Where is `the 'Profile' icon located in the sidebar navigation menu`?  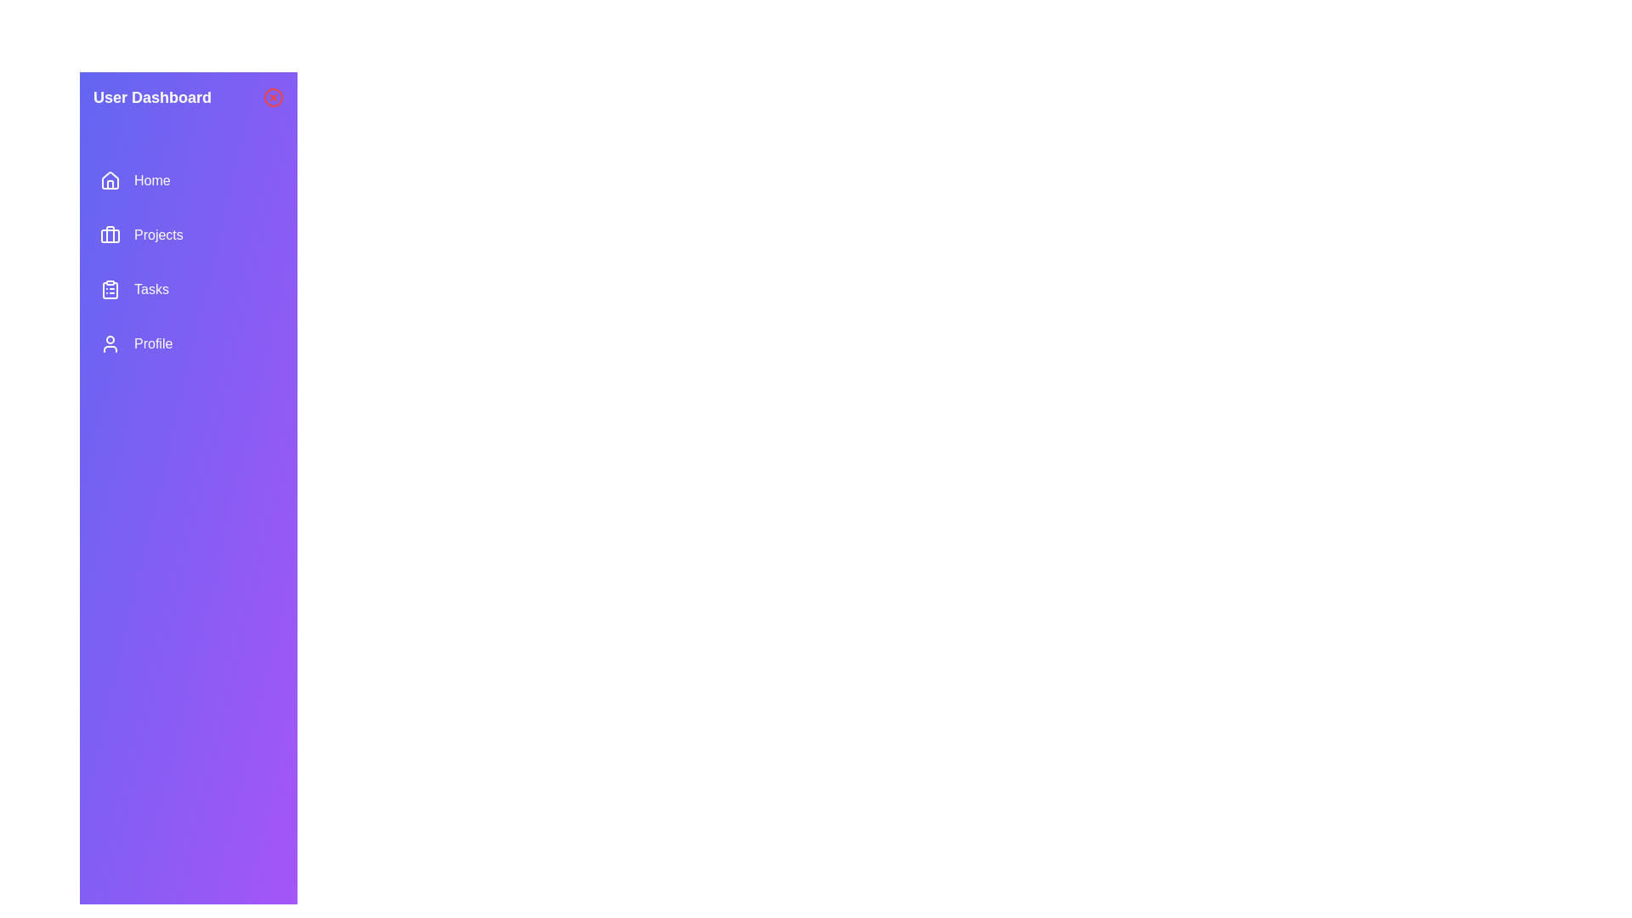
the 'Profile' icon located in the sidebar navigation menu is located at coordinates (109, 344).